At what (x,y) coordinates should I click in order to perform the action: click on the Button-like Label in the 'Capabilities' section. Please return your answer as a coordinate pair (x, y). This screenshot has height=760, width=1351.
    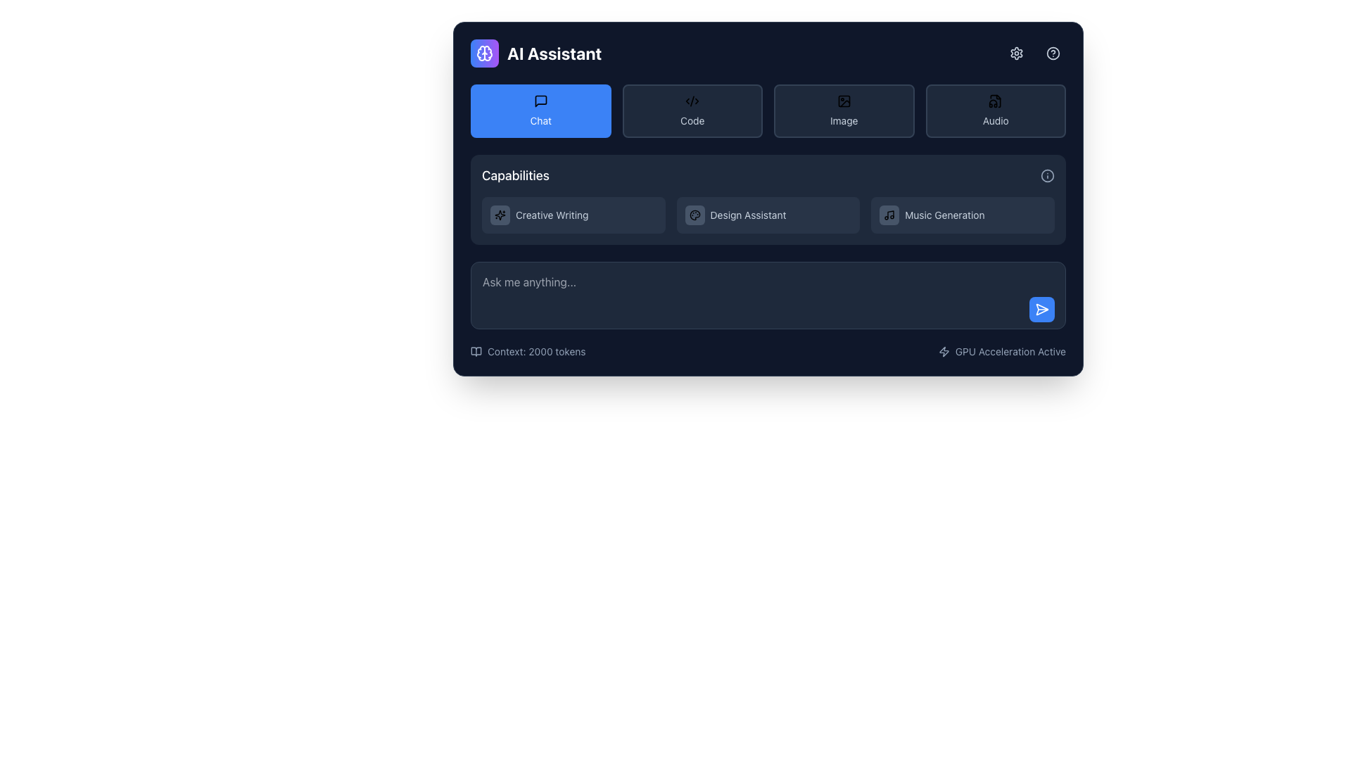
    Looking at the image, I should click on (767, 215).